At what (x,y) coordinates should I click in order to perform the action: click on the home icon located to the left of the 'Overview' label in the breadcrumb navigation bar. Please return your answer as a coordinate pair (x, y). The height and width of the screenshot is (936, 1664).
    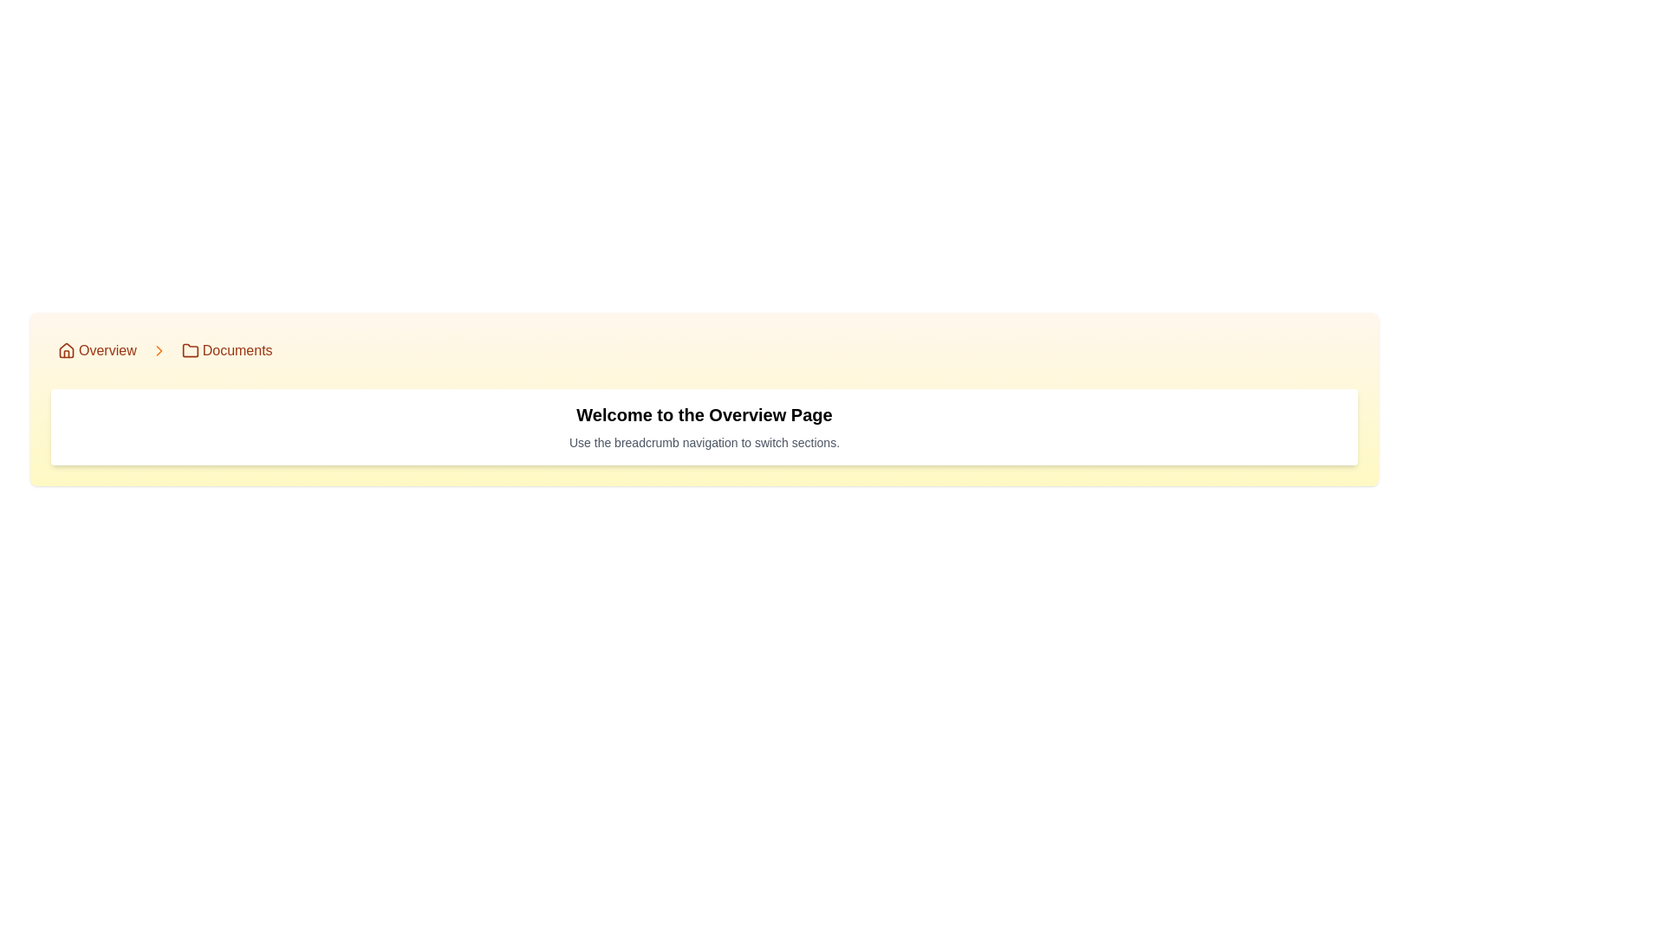
    Looking at the image, I should click on (66, 351).